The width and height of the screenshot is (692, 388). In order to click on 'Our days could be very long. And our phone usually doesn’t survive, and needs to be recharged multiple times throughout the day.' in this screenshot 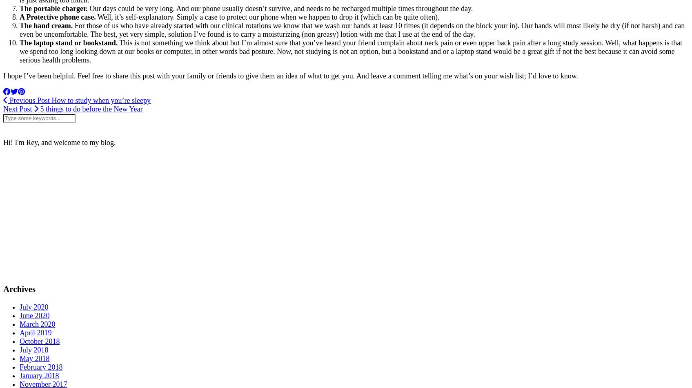, I will do `click(280, 8)`.